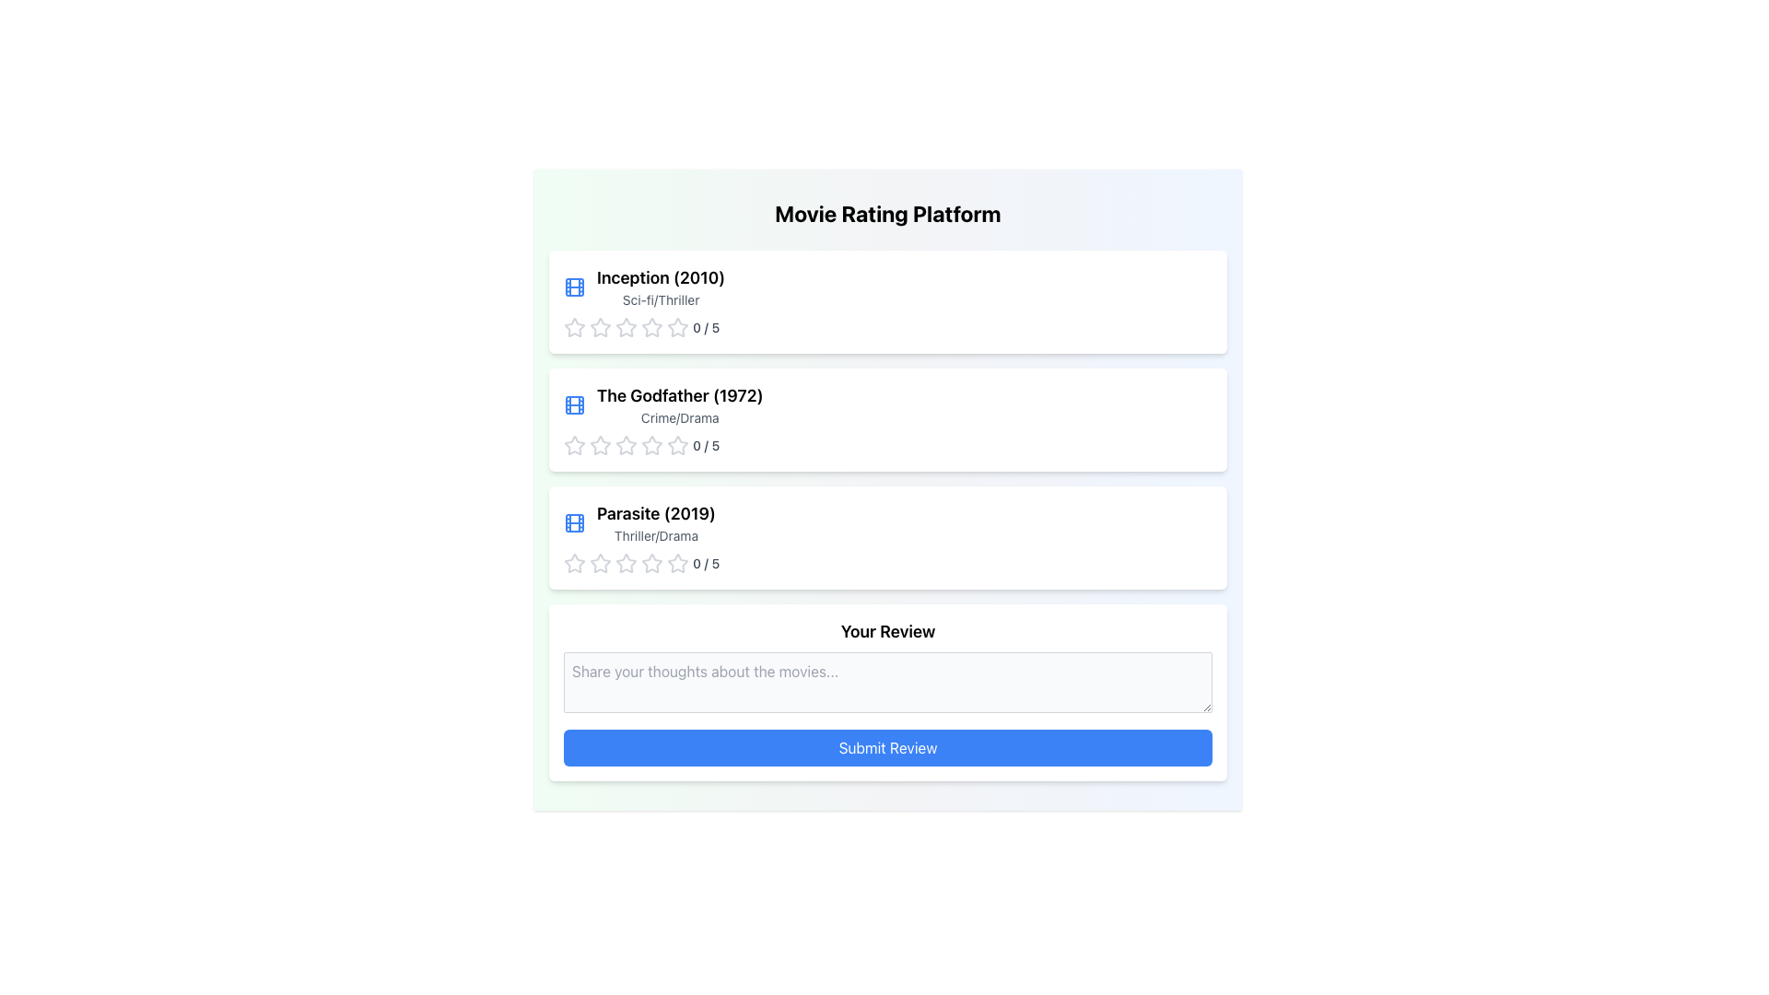 The height and width of the screenshot is (995, 1769). What do you see at coordinates (627, 445) in the screenshot?
I see `the first star in the rating component for the movie 'The Godfather (1972)'` at bounding box center [627, 445].